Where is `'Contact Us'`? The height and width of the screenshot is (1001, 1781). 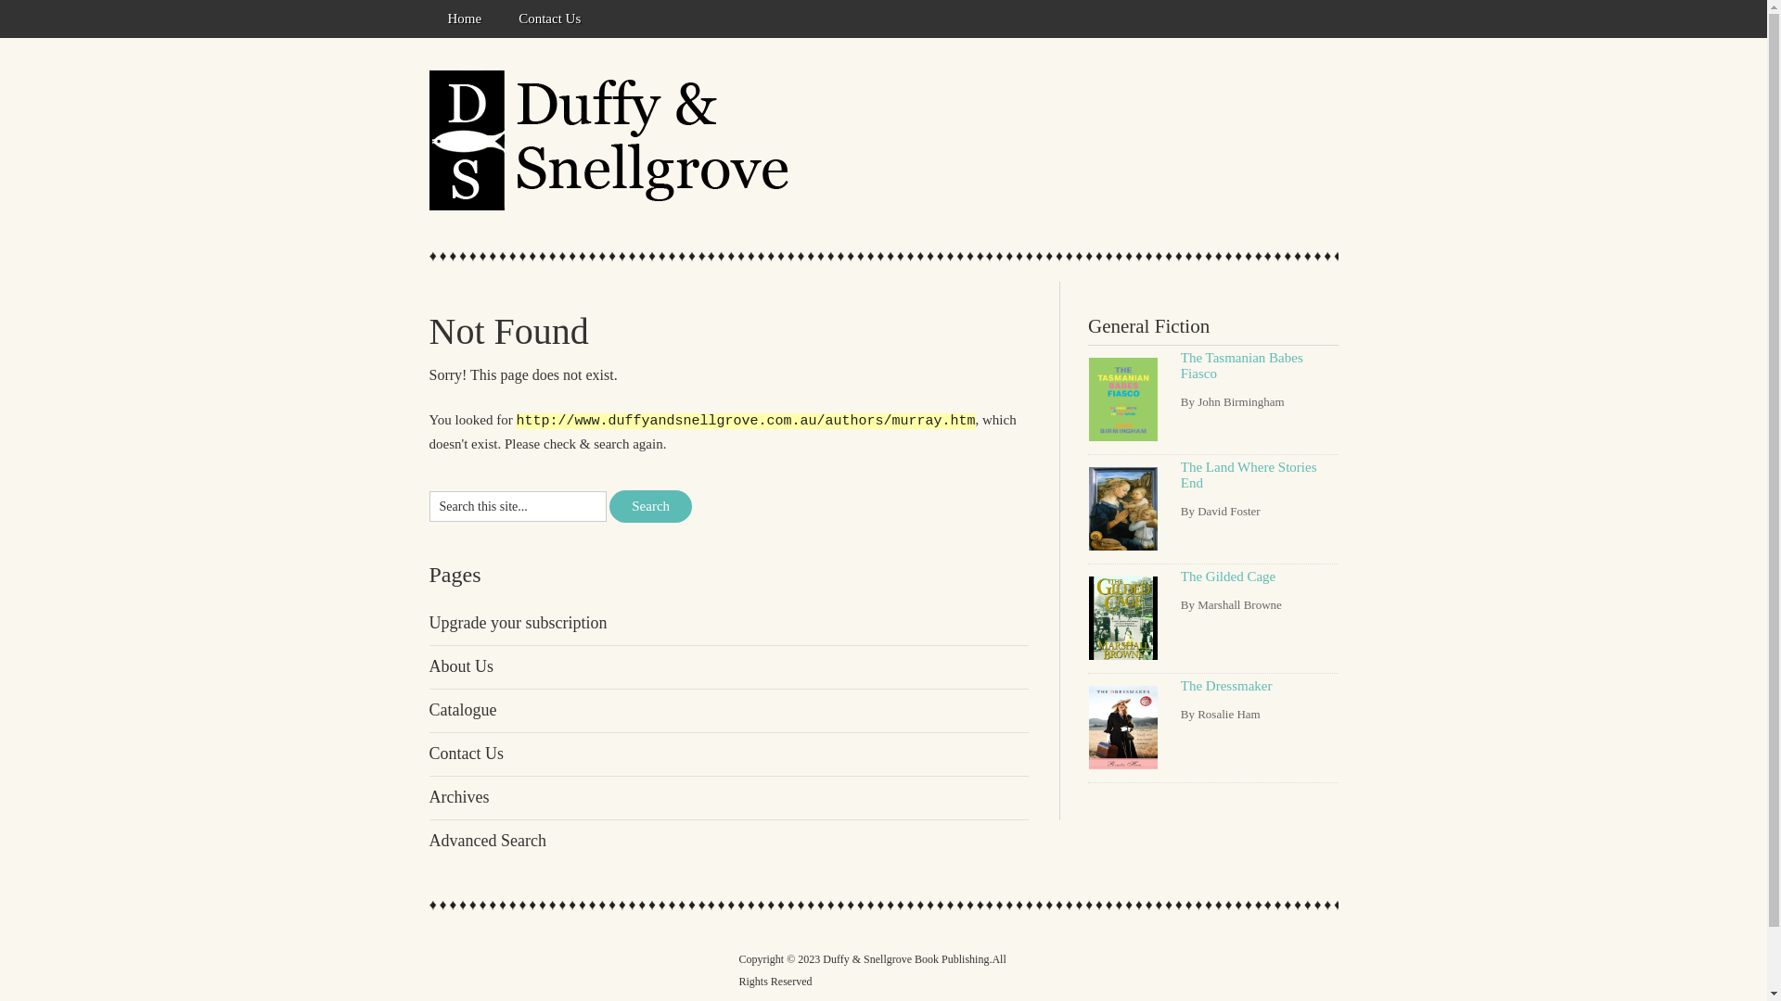 'Contact Us' is located at coordinates (548, 19).